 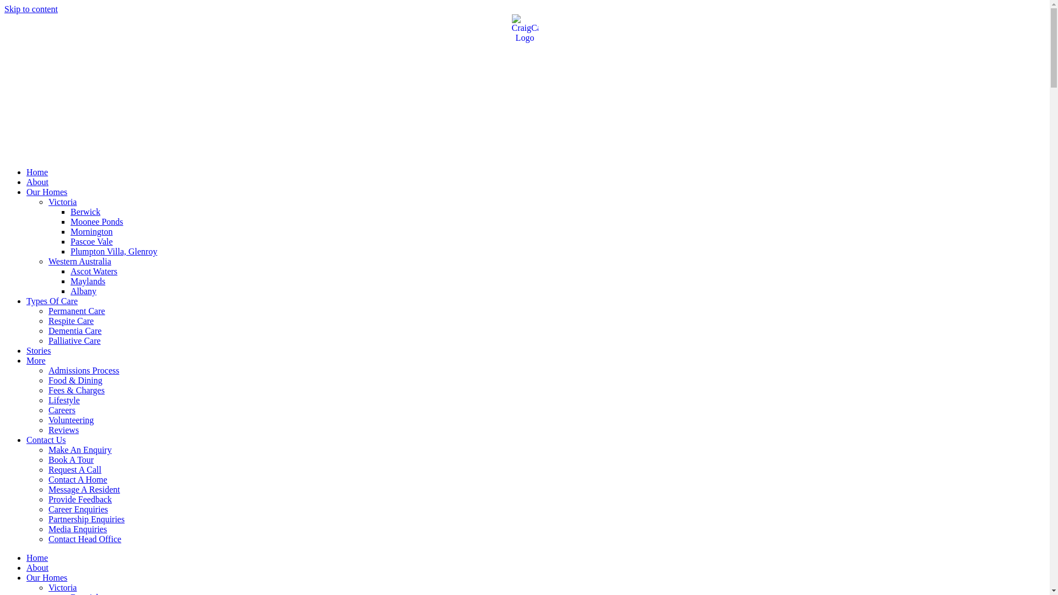 What do you see at coordinates (62, 587) in the screenshot?
I see `'Victoria'` at bounding box center [62, 587].